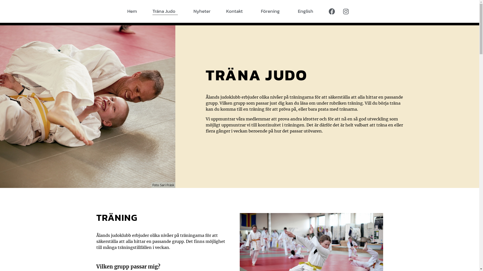 The height and width of the screenshot is (271, 483). I want to click on 'Hem', so click(132, 11).